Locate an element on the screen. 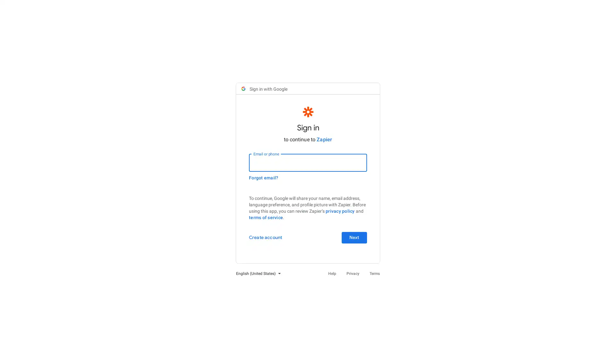 The image size is (616, 346). Next is located at coordinates (354, 237).